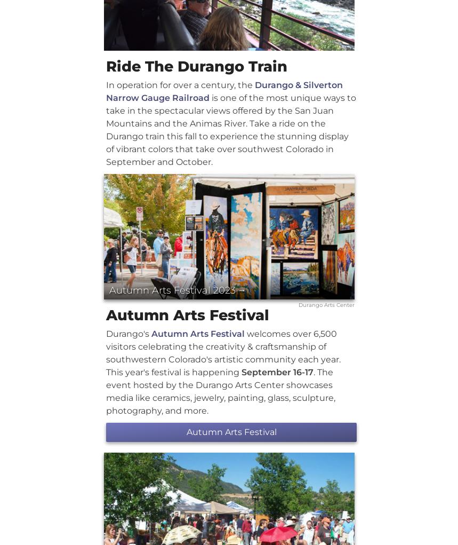 Image resolution: width=458 pixels, height=545 pixels. What do you see at coordinates (172, 289) in the screenshot?
I see `'Autumn Arts Festival 2023'` at bounding box center [172, 289].